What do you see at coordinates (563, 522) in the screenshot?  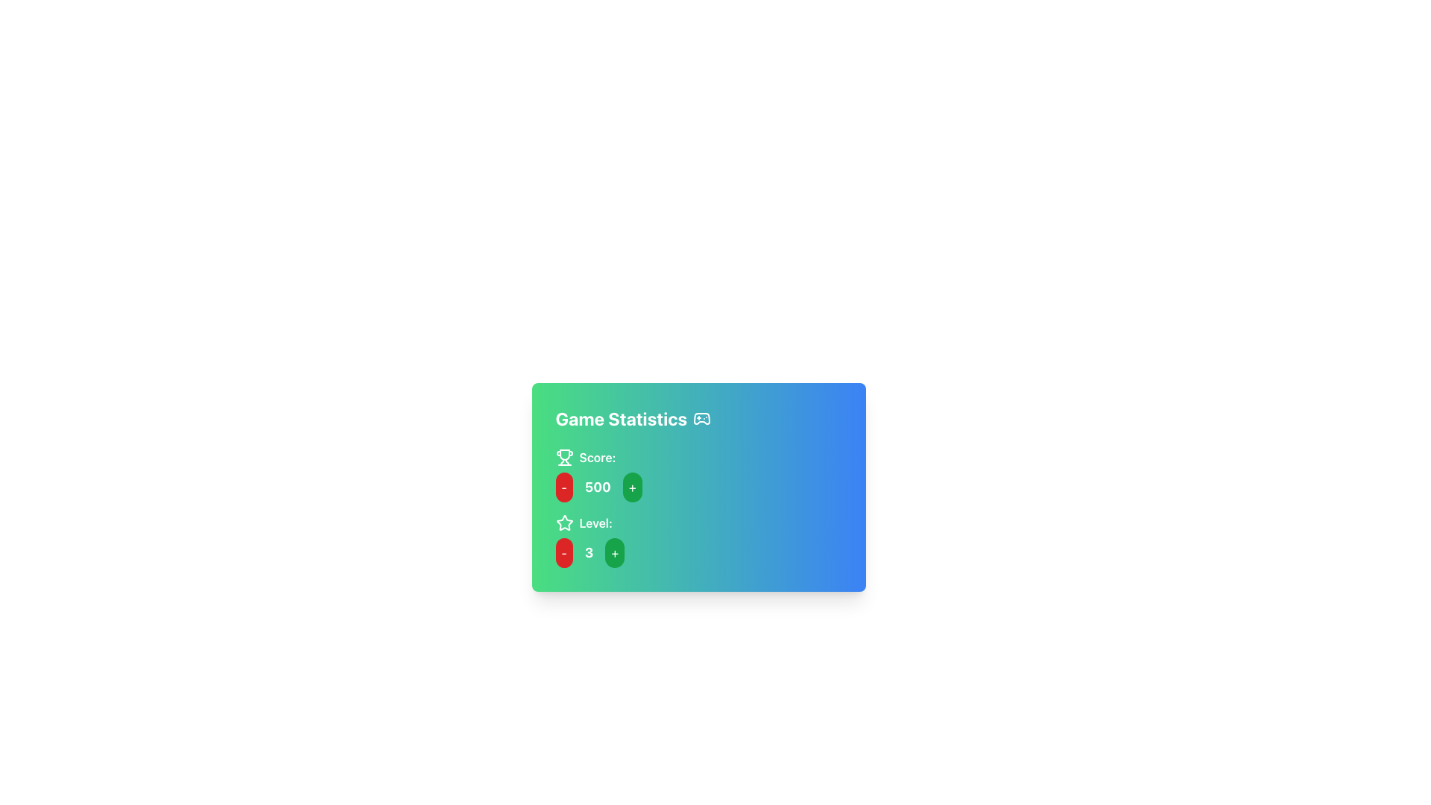 I see `the star-shaped graphic icon located in the 'Level' section next to the label 'Level:', which is inside a green area and features a distinct five-pointed star design` at bounding box center [563, 522].